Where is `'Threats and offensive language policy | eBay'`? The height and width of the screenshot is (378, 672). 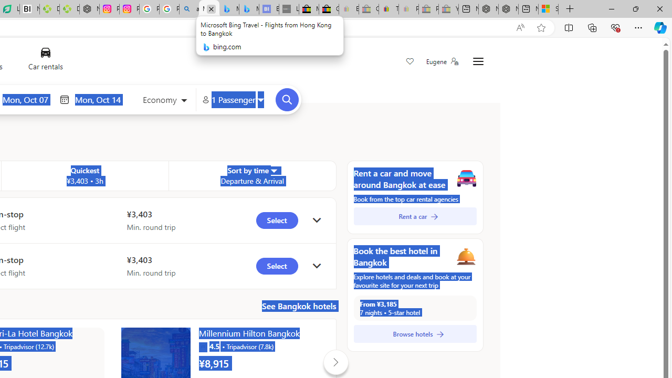 'Threats and offensive language policy | eBay' is located at coordinates (388, 9).